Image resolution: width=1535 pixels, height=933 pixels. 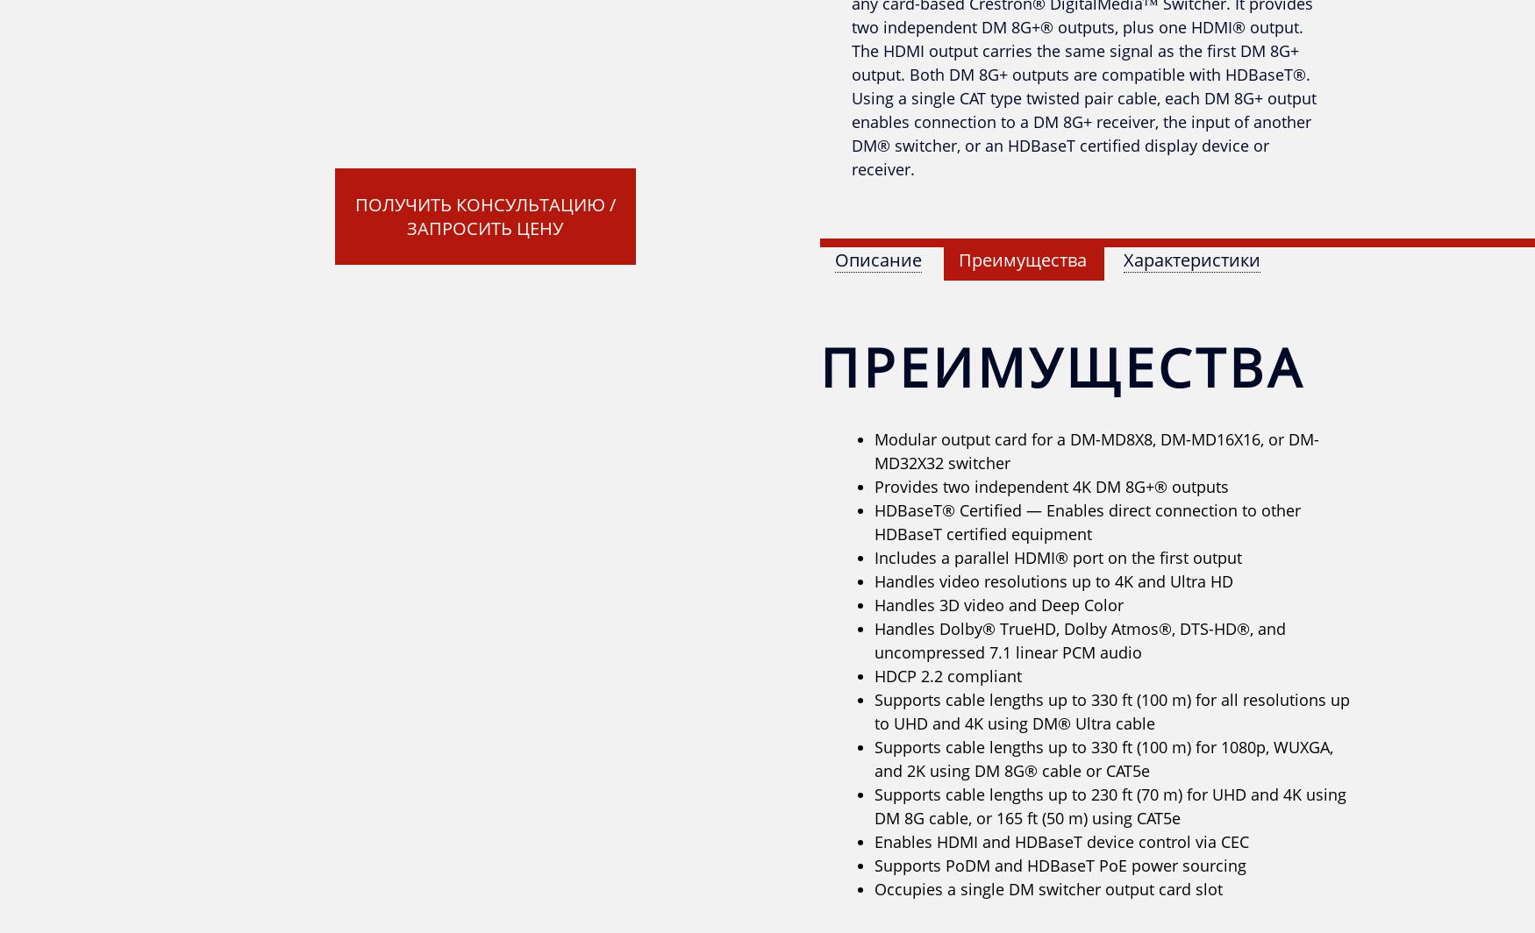 I want to click on 'Supports cable lengths up to 330 ft (100 m) for all resolutions up to UHD and 4K using DM® Ultra cable', so click(x=1111, y=711).